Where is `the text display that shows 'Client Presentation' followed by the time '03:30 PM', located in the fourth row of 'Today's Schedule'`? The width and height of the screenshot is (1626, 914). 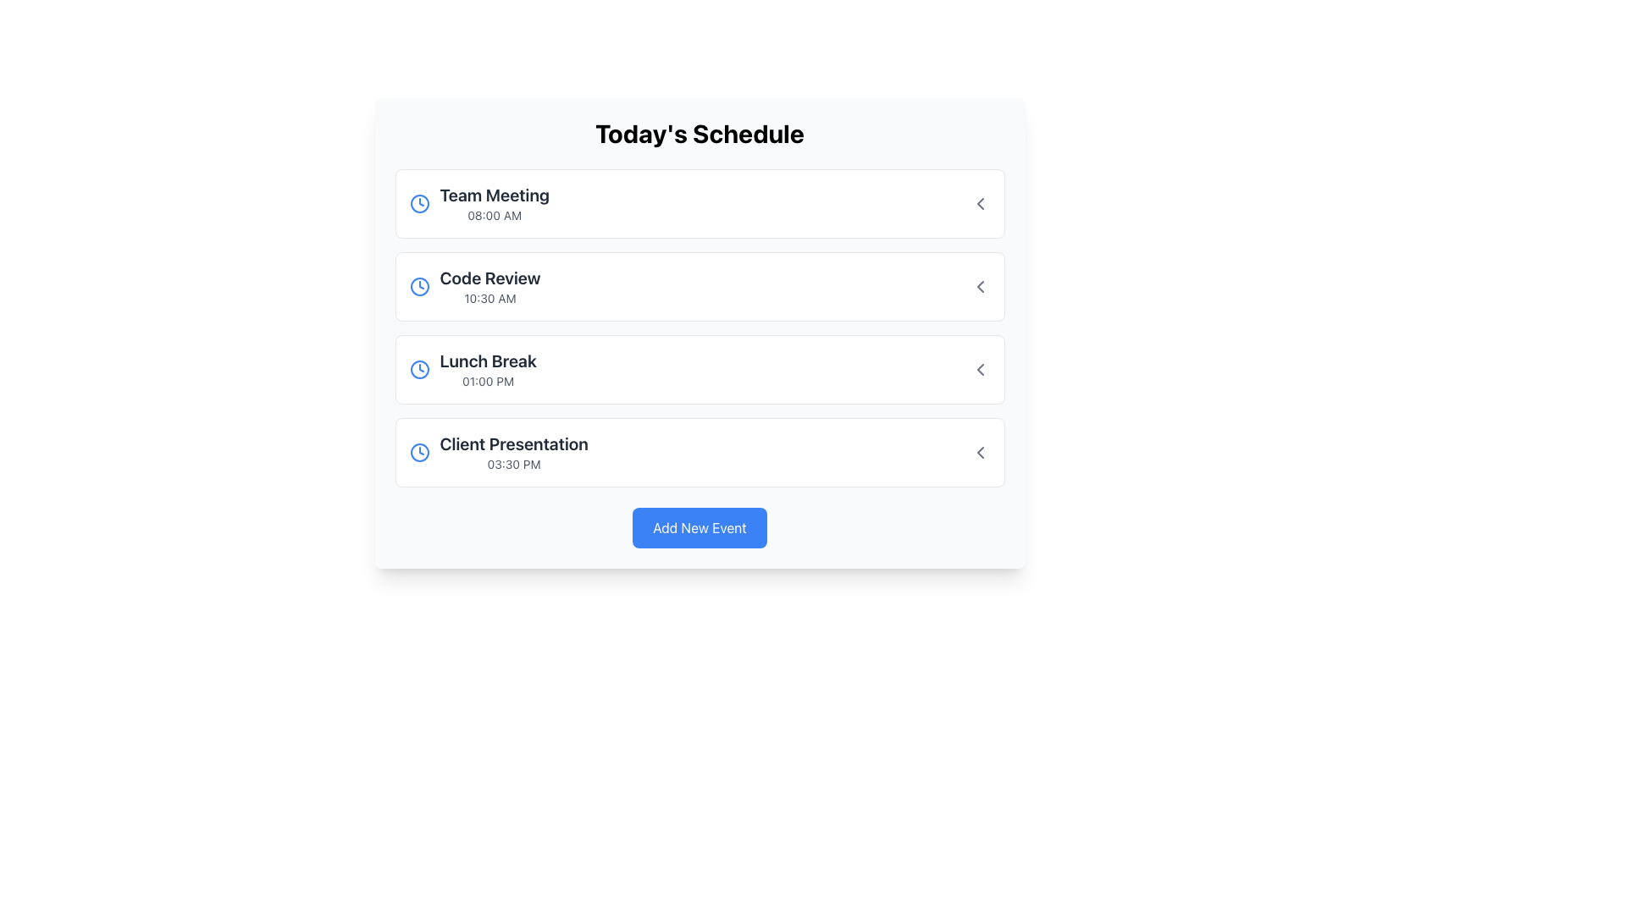
the text display that shows 'Client Presentation' followed by the time '03:30 PM', located in the fourth row of 'Today's Schedule' is located at coordinates (513, 452).